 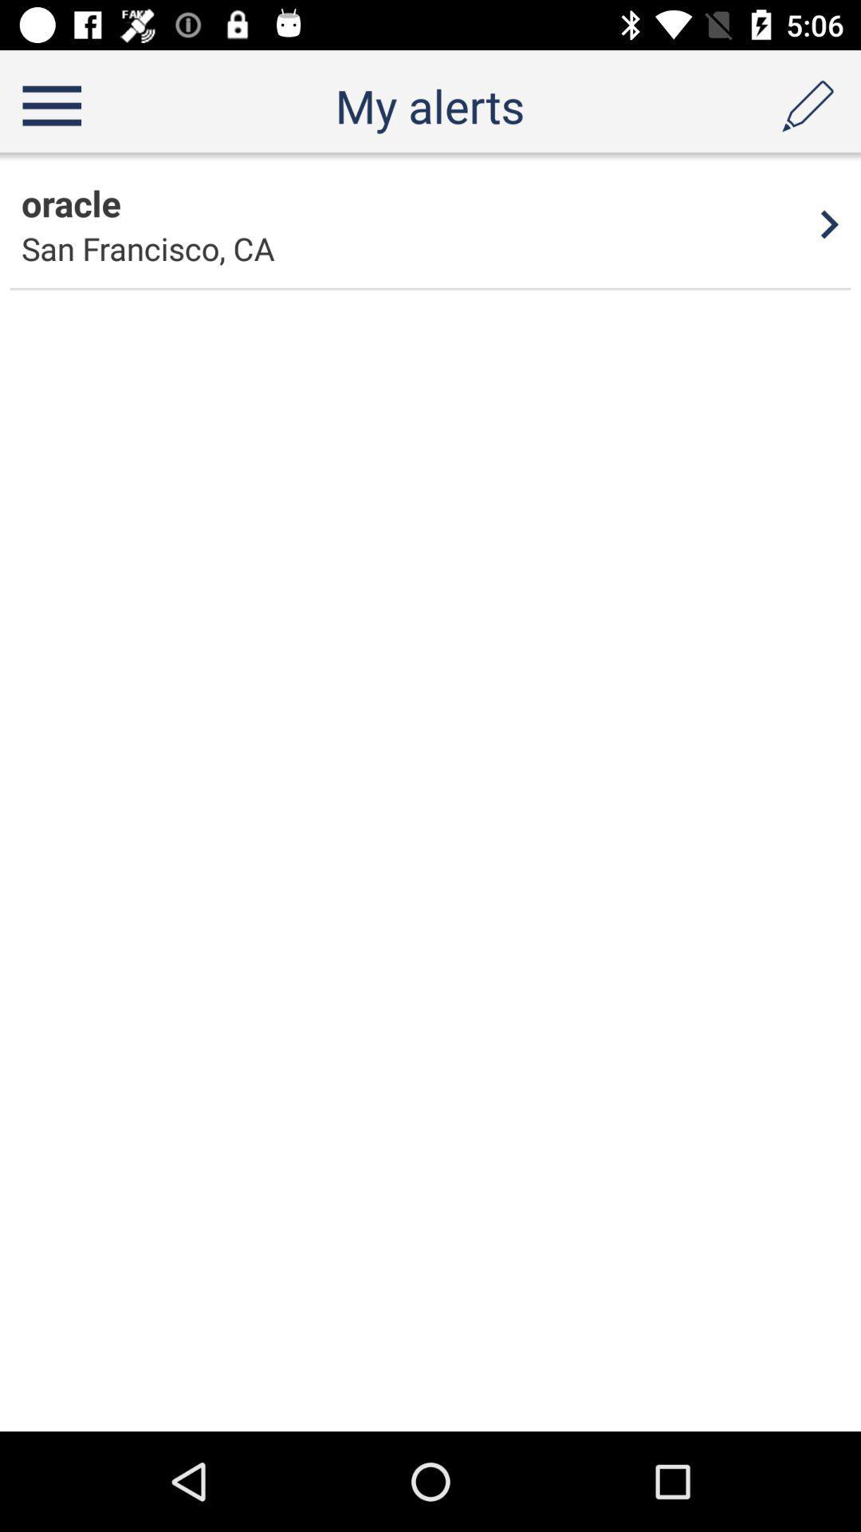 I want to click on the san francisco, ca, so click(x=147, y=247).